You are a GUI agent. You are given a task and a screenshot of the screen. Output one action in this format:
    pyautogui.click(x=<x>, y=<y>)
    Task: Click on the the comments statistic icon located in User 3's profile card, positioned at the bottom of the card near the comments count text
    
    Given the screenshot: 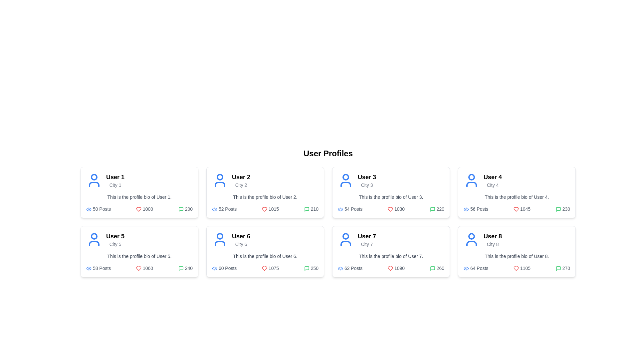 What is the action you would take?
    pyautogui.click(x=432, y=209)
    